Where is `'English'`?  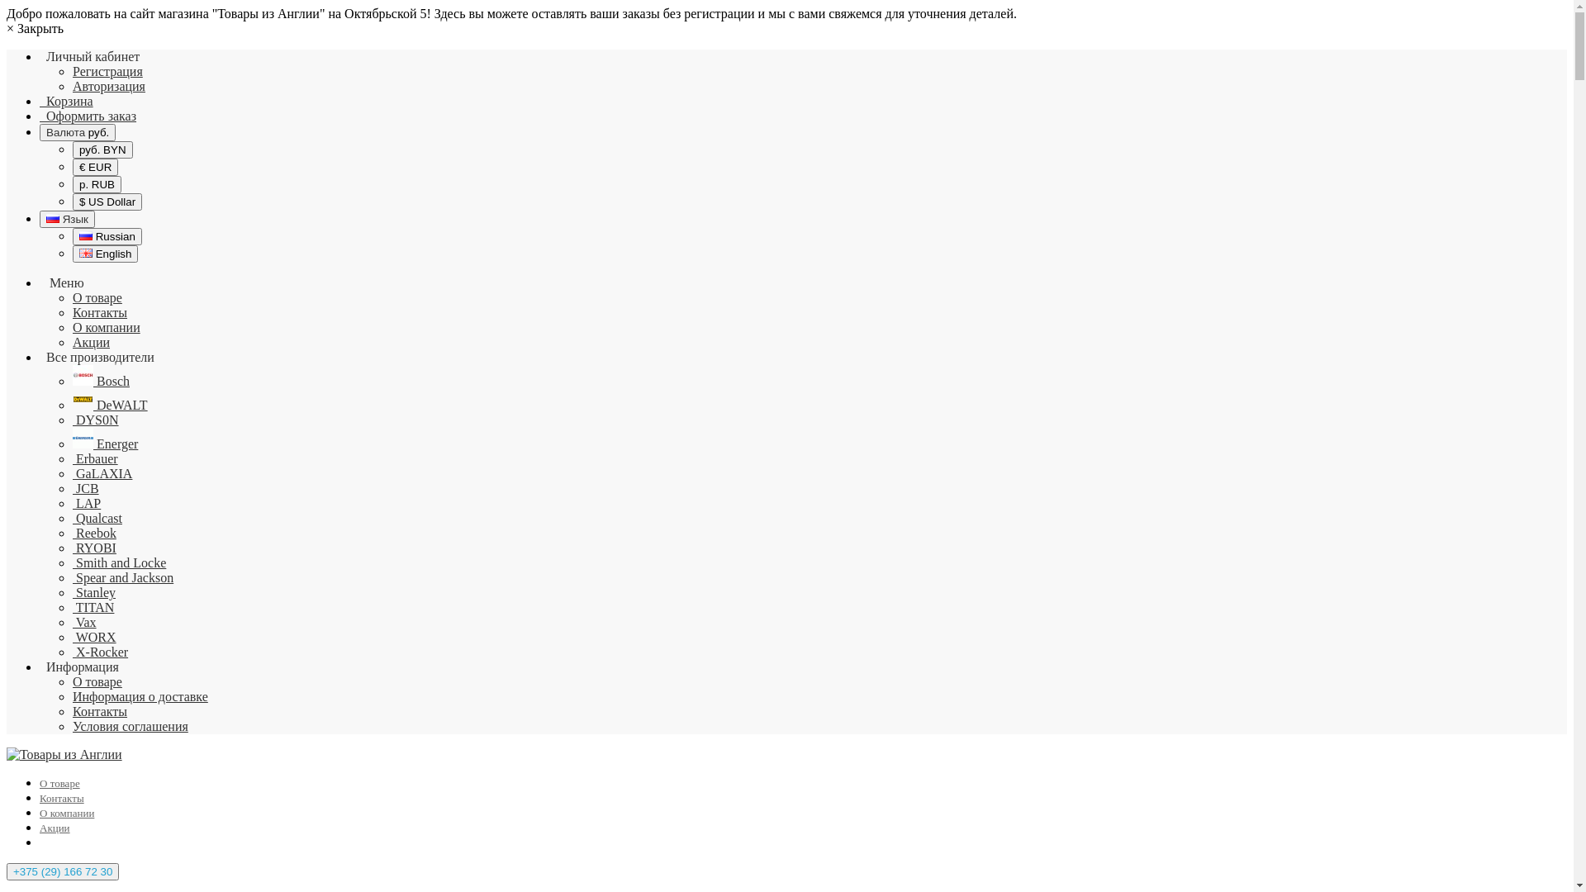
'English' is located at coordinates (104, 254).